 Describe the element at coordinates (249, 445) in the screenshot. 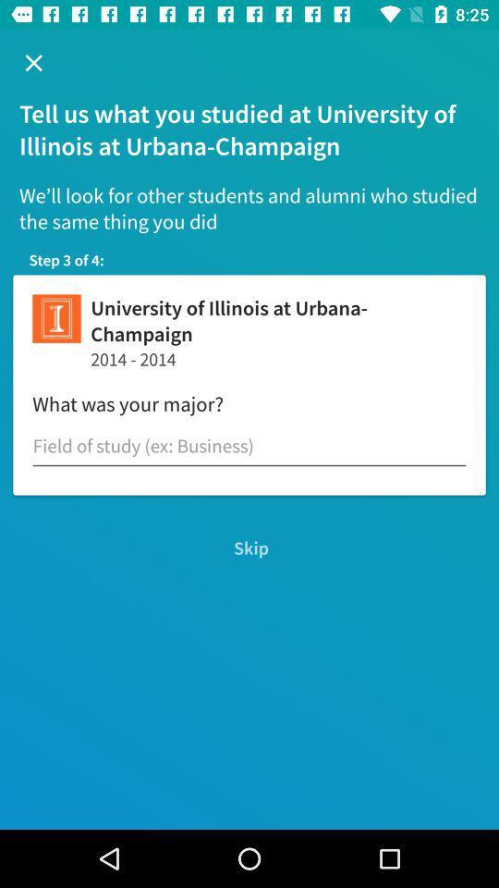

I see `field of study text` at that location.